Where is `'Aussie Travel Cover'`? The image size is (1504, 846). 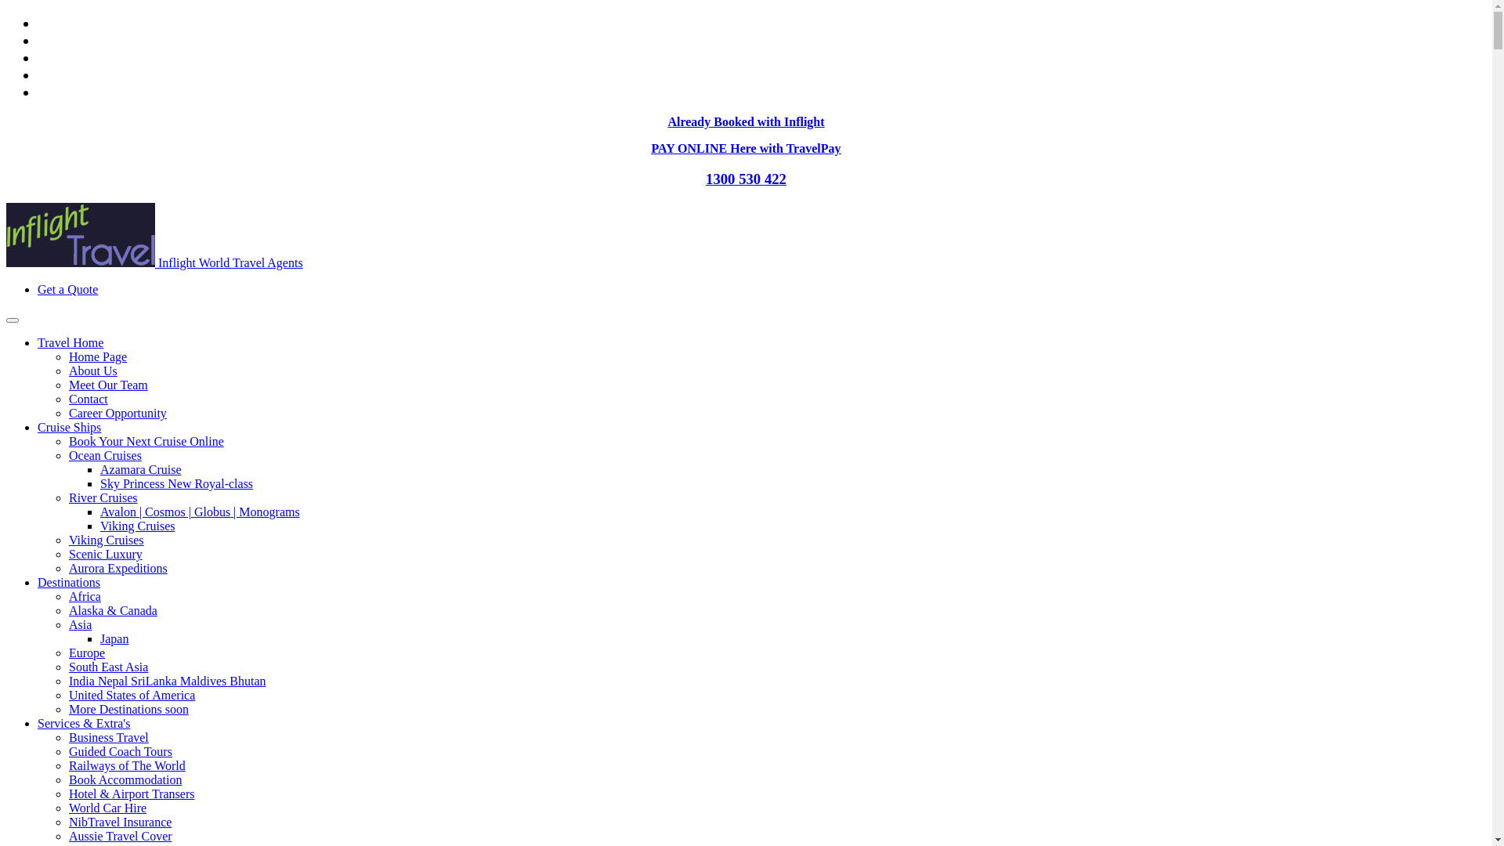
'Aussie Travel Cover' is located at coordinates (119, 835).